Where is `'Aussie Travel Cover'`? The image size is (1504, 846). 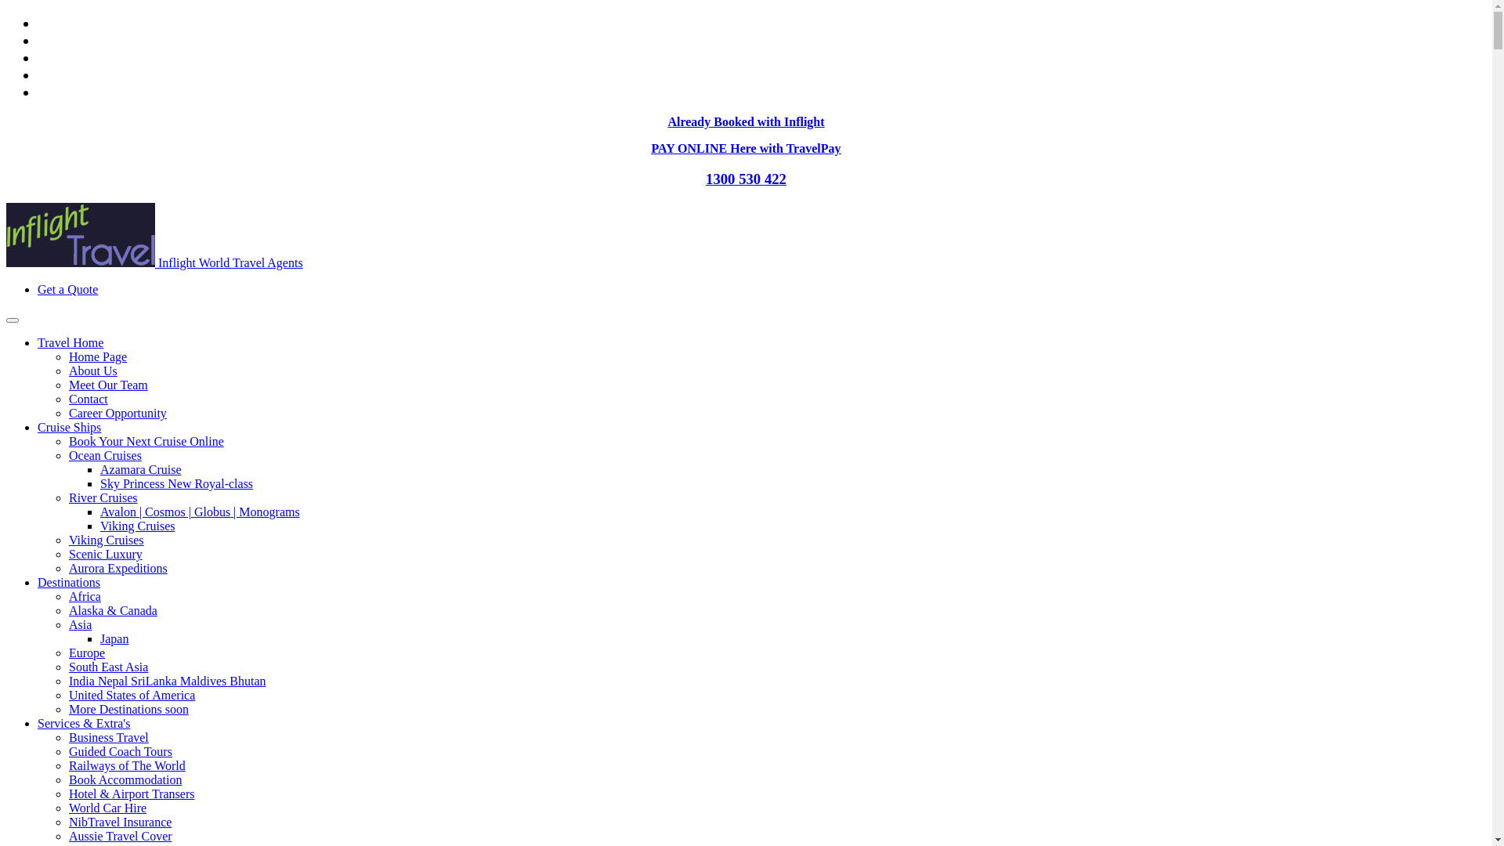
'Aussie Travel Cover' is located at coordinates (119, 835).